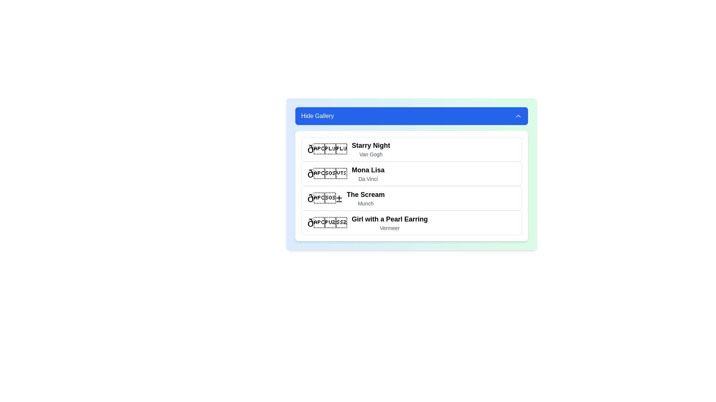 Image resolution: width=716 pixels, height=402 pixels. Describe the element at coordinates (368, 173) in the screenshot. I see `text content of the label displaying 'Mona Lisa' by Da Vinci, which is the second item in a vertically stacked list in the gallery display` at that location.